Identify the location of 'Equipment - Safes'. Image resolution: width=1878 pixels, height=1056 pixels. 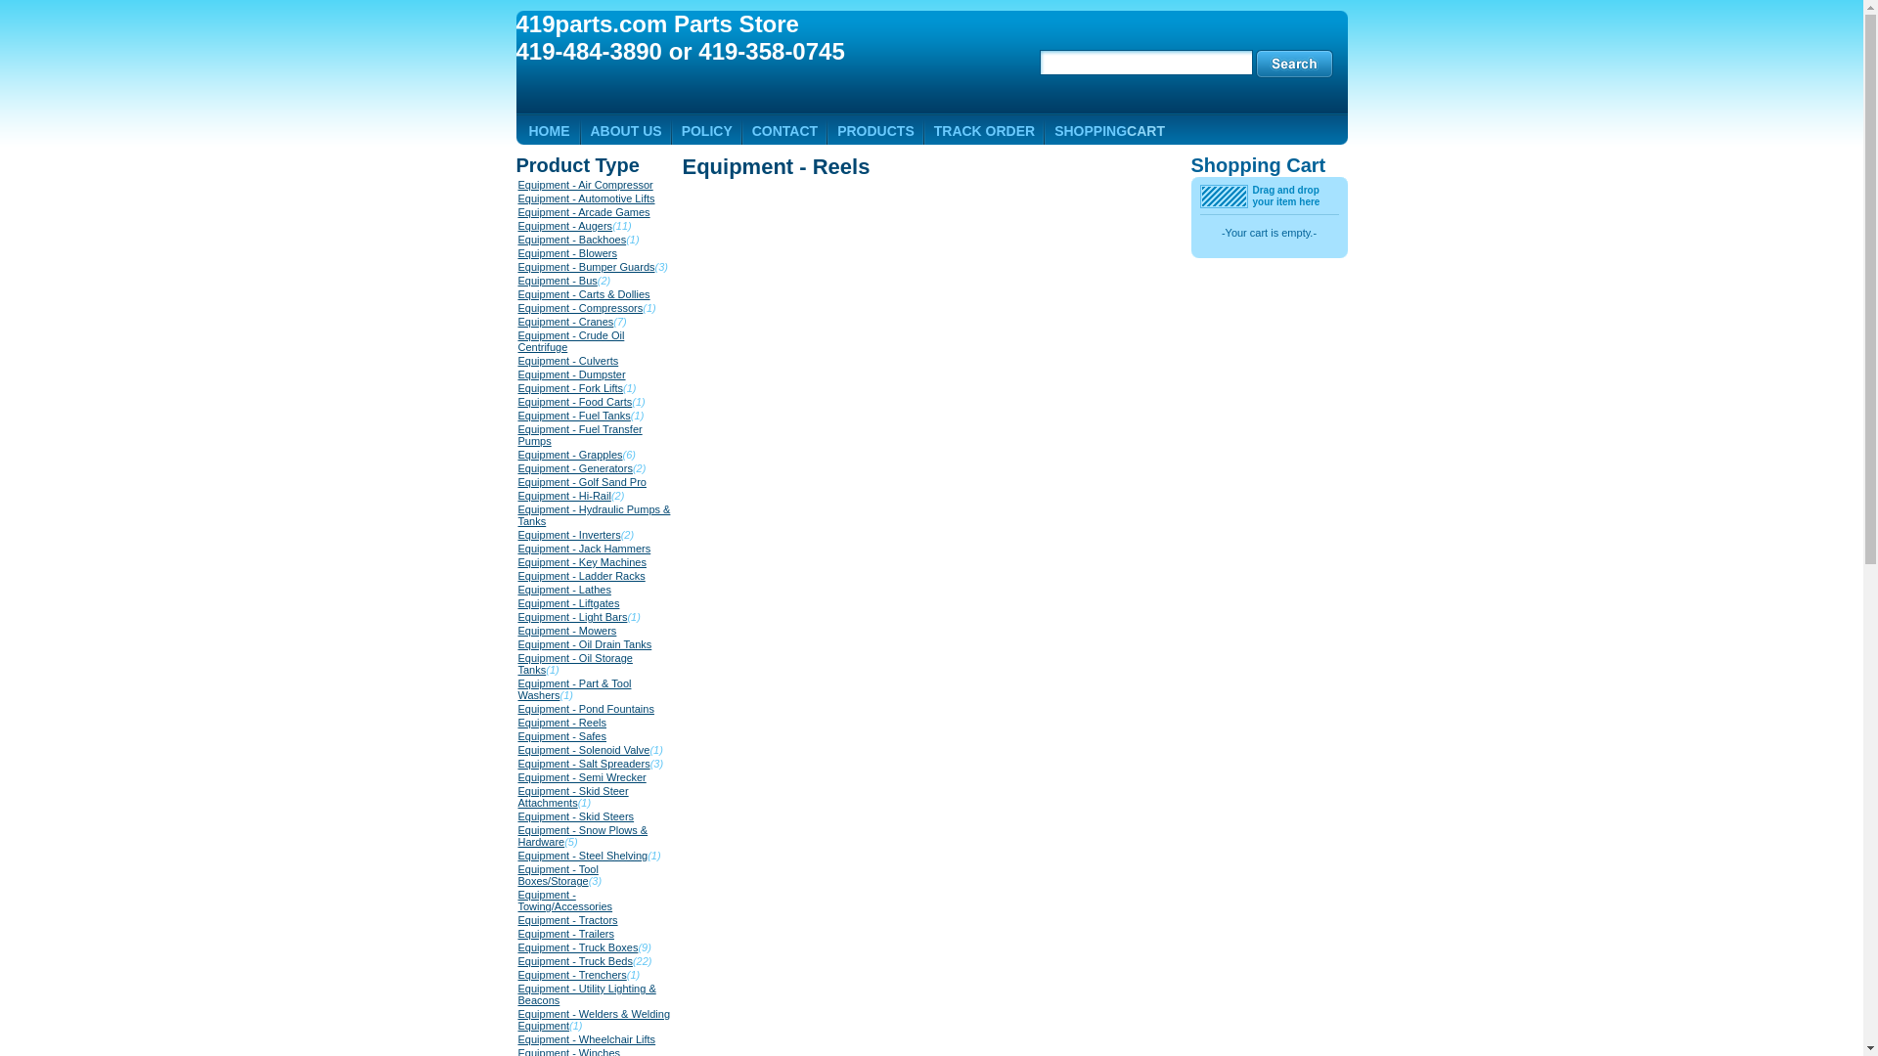
(561, 735).